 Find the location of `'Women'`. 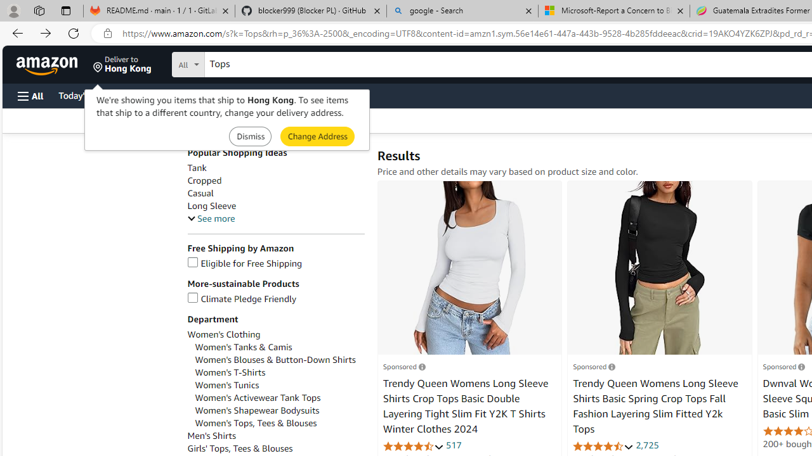

'Women' is located at coordinates (278, 360).